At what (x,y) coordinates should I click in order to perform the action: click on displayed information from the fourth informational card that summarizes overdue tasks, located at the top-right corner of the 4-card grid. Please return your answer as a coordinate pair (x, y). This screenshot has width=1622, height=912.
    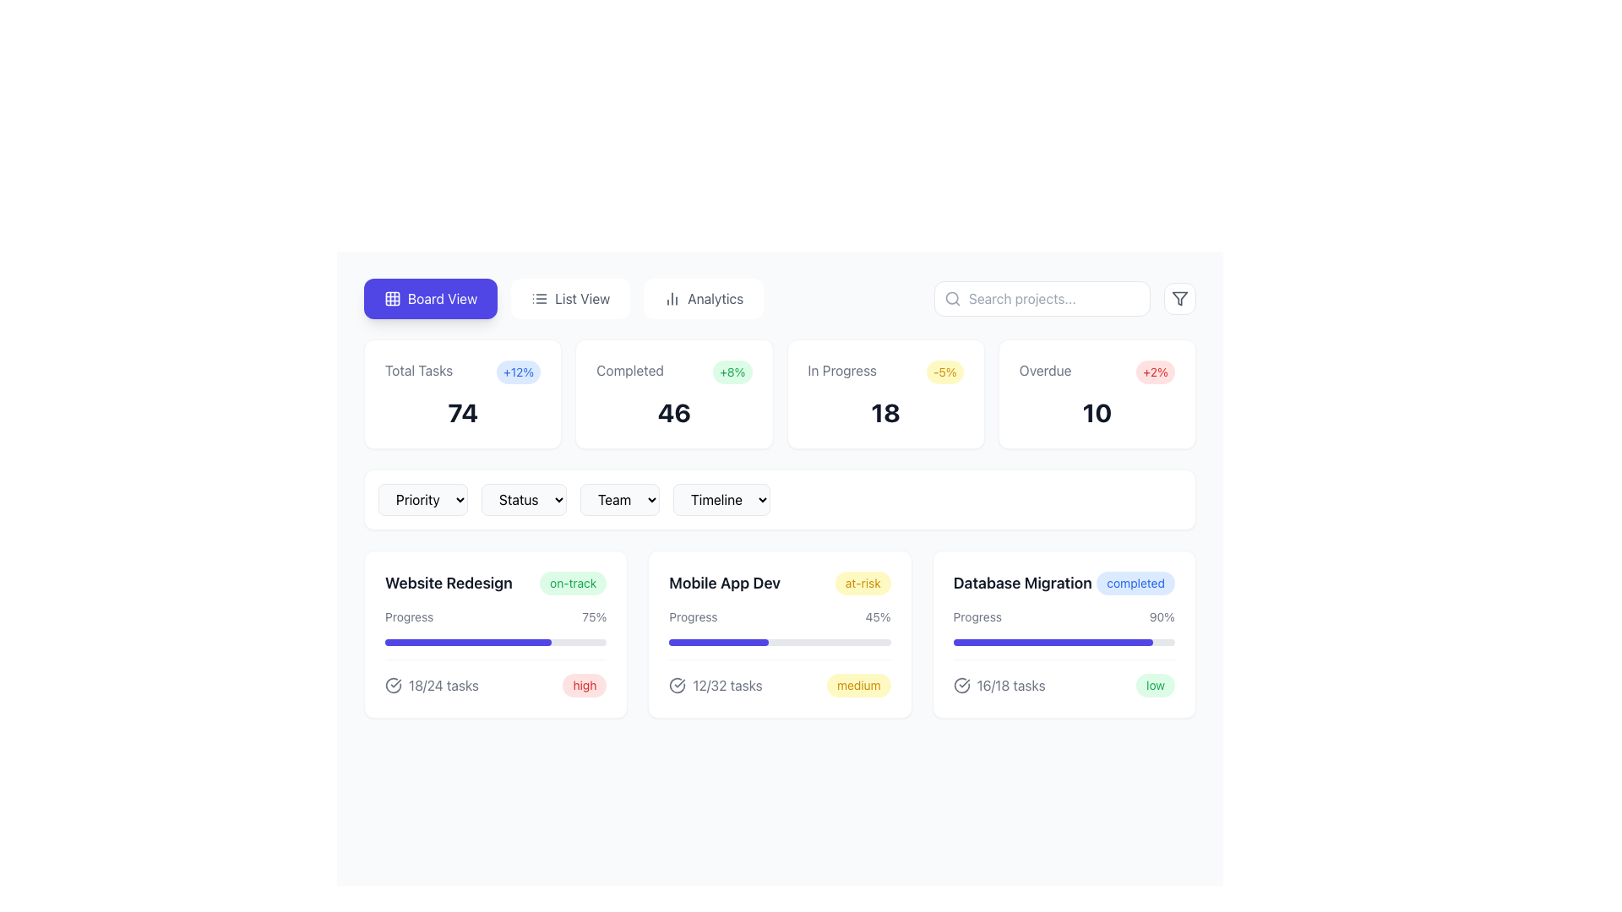
    Looking at the image, I should click on (1097, 394).